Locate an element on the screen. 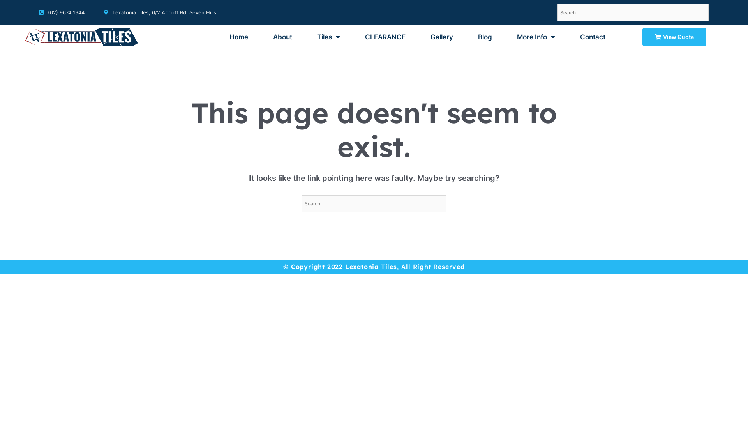 The image size is (748, 421). 'About' is located at coordinates (265, 37).